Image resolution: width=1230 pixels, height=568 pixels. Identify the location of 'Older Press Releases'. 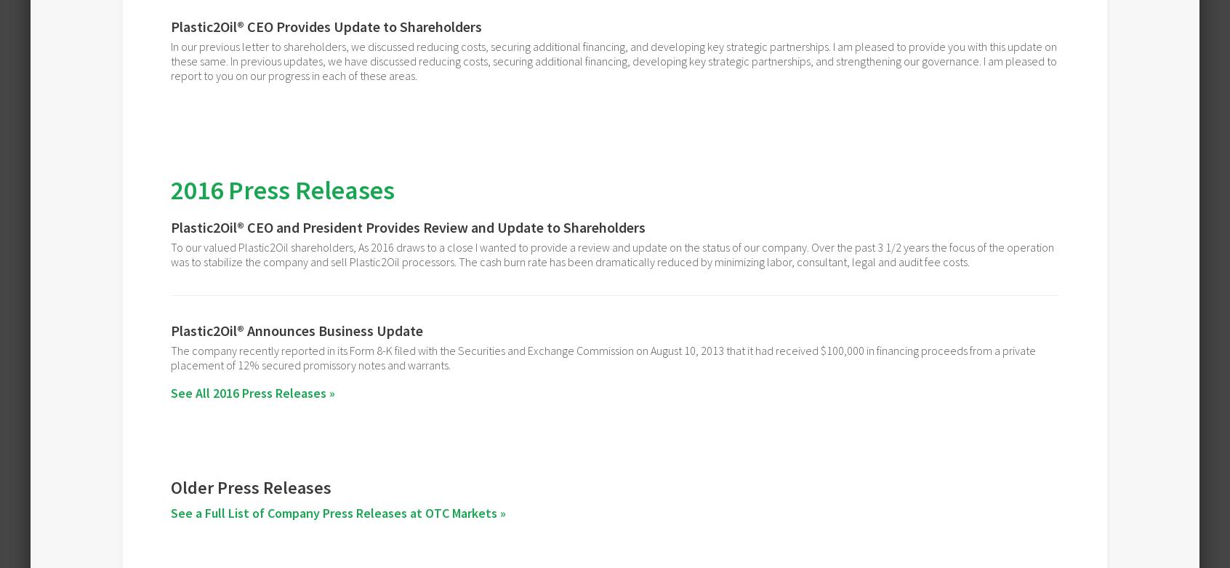
(250, 486).